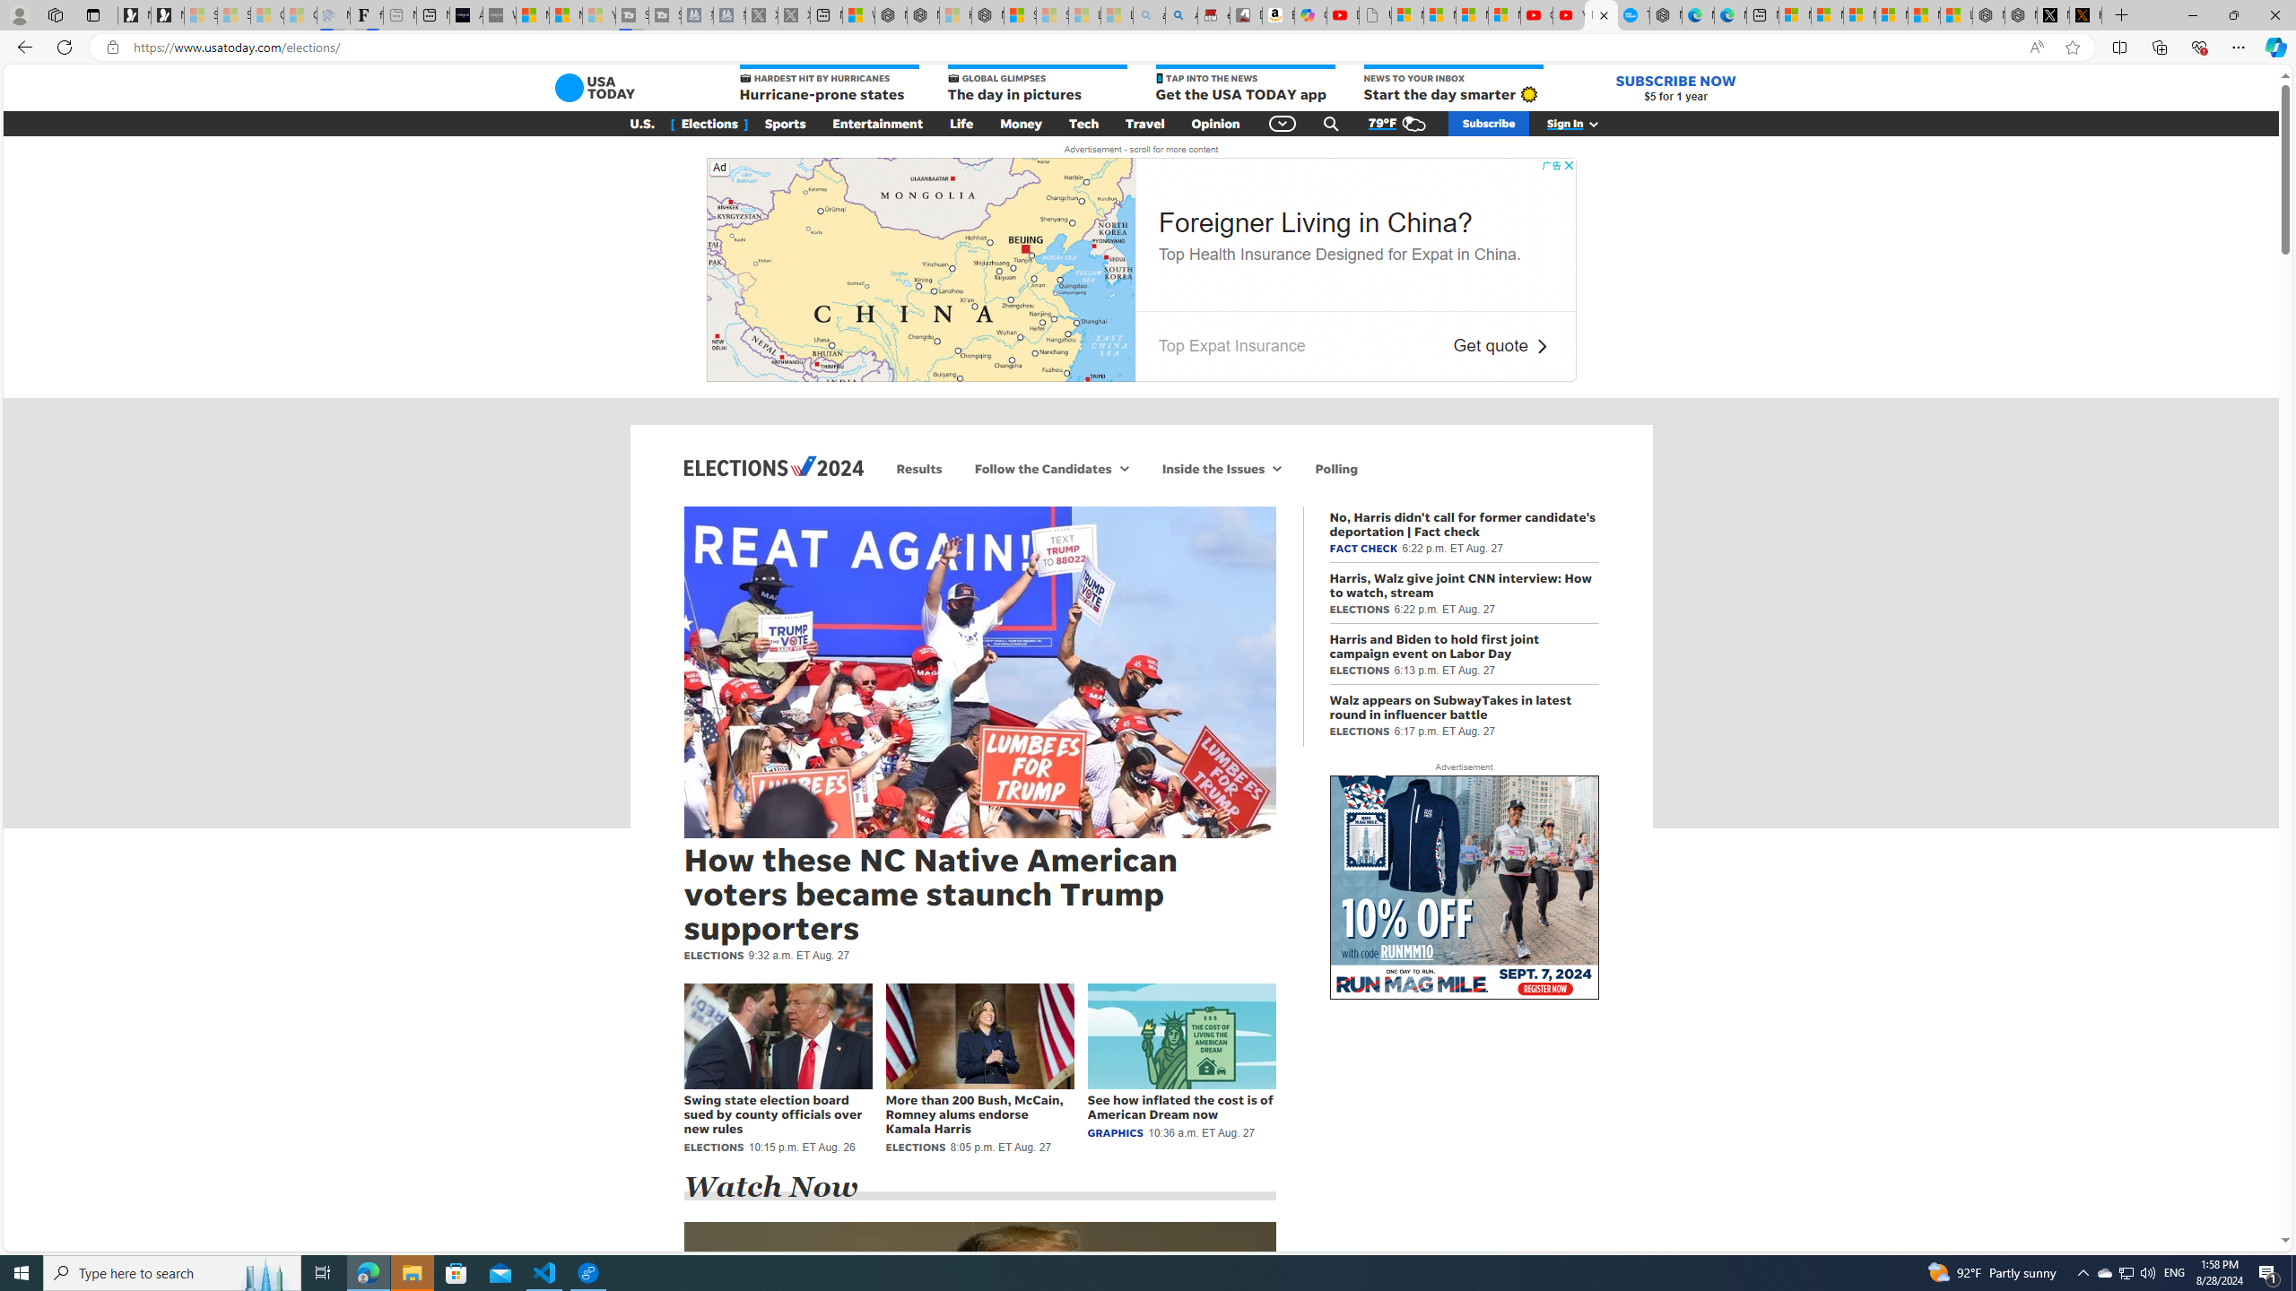  I want to click on 'Microsoft account | Privacy', so click(1891, 14).